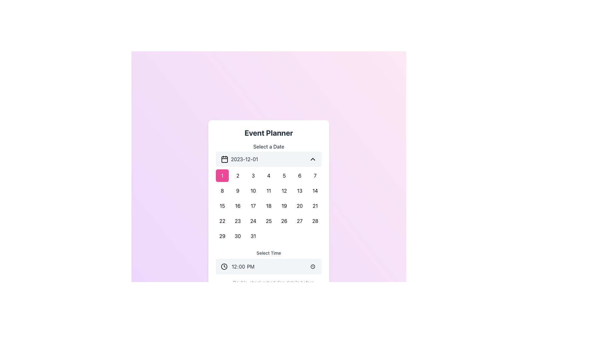  Describe the element at coordinates (269, 190) in the screenshot. I see `the button representing the 11th day in the calendar, located in the middle row, fourth column of the calendar grid to trigger the hover effect` at that location.